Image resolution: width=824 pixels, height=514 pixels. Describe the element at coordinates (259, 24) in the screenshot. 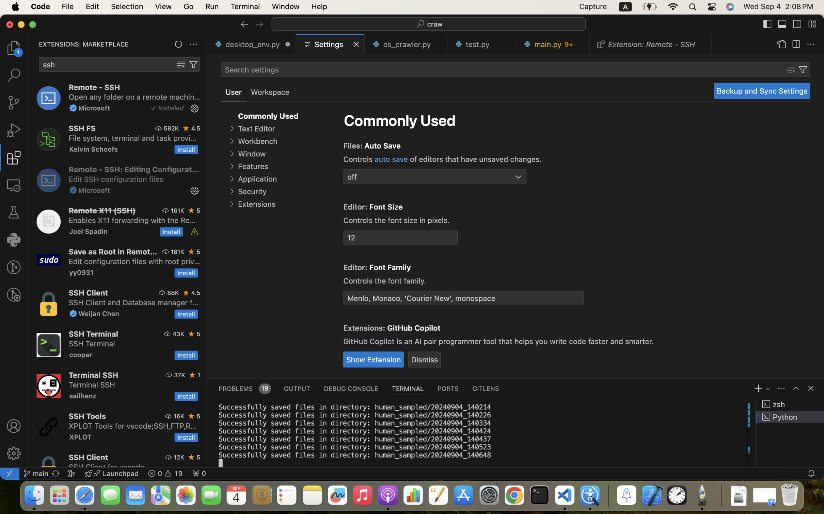

I see `''` at that location.